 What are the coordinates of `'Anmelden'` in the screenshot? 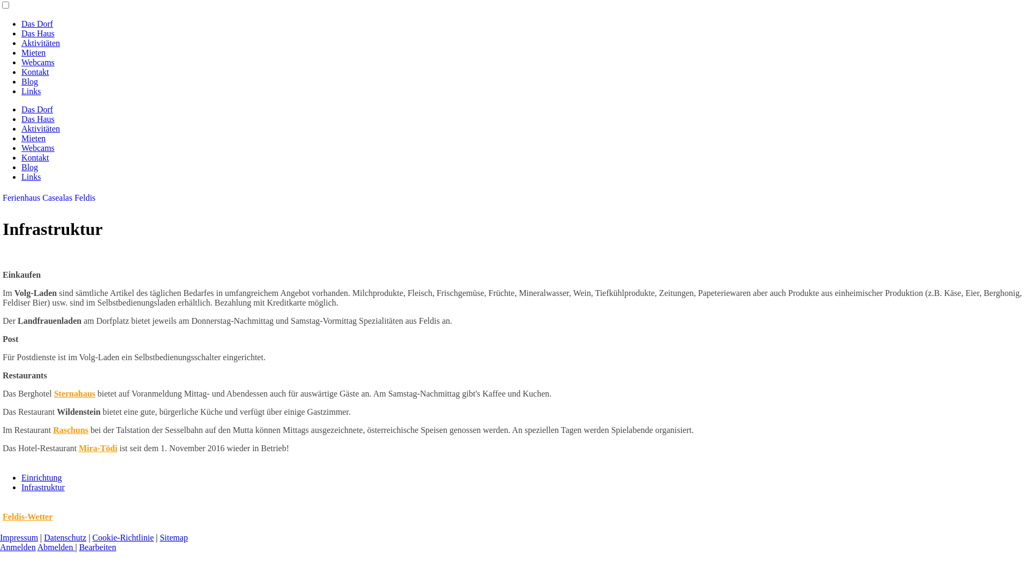 It's located at (18, 547).